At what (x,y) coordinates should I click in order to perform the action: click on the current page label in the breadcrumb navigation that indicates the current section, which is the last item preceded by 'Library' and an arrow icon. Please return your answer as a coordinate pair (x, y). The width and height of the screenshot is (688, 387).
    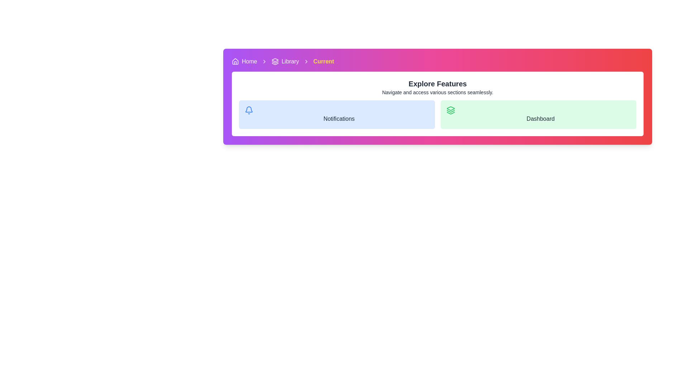
    Looking at the image, I should click on (323, 61).